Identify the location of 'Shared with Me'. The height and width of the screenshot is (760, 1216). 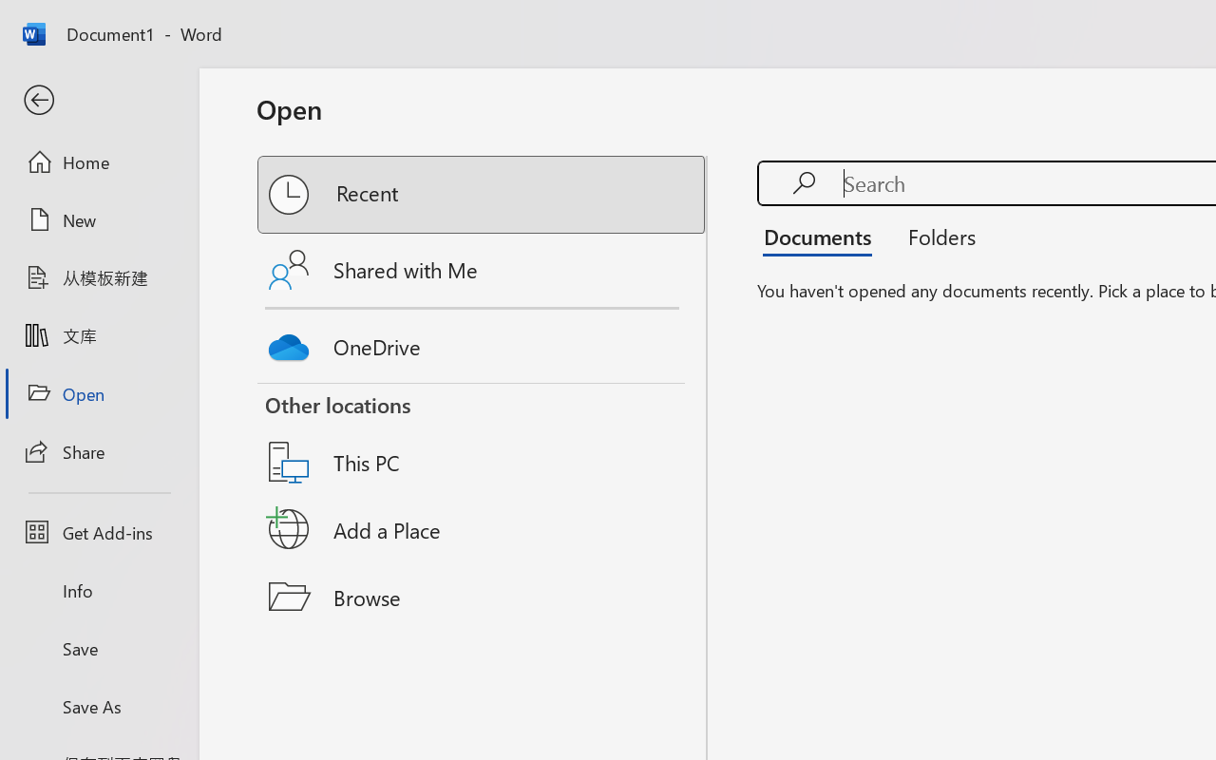
(483, 270).